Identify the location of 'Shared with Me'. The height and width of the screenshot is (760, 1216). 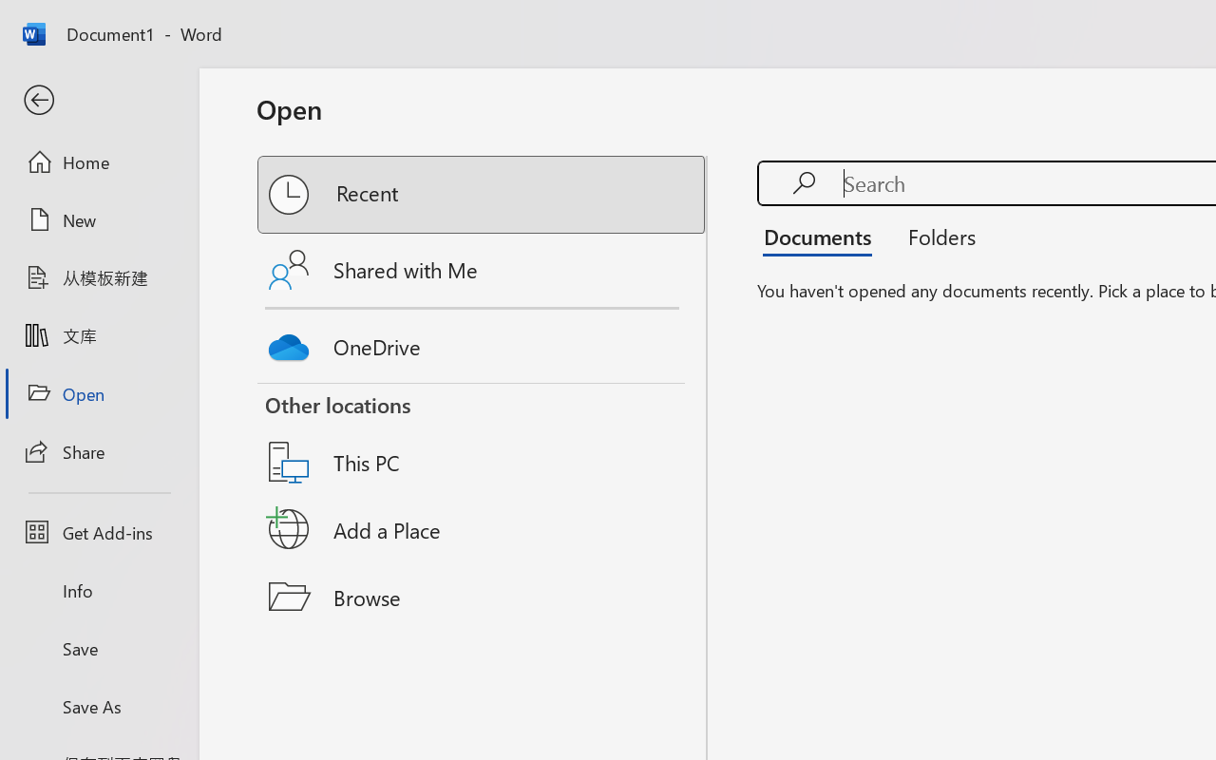
(483, 270).